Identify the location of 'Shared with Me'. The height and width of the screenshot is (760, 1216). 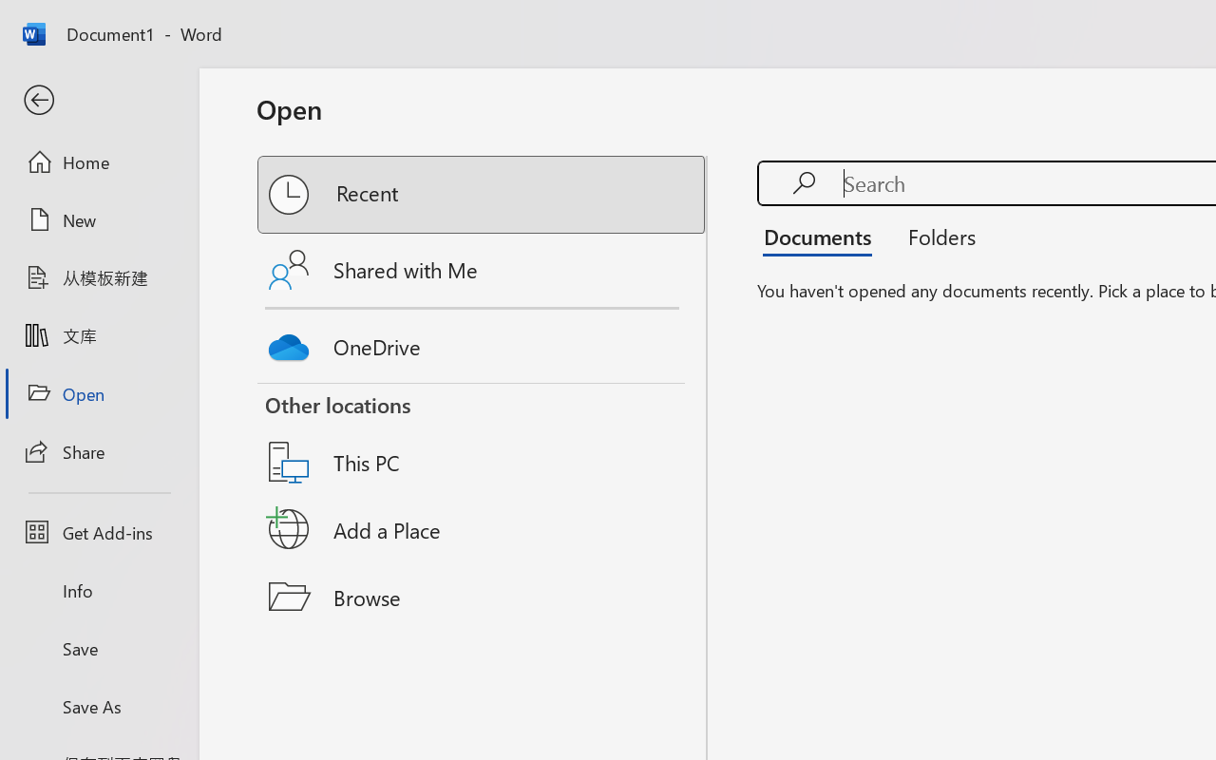
(483, 270).